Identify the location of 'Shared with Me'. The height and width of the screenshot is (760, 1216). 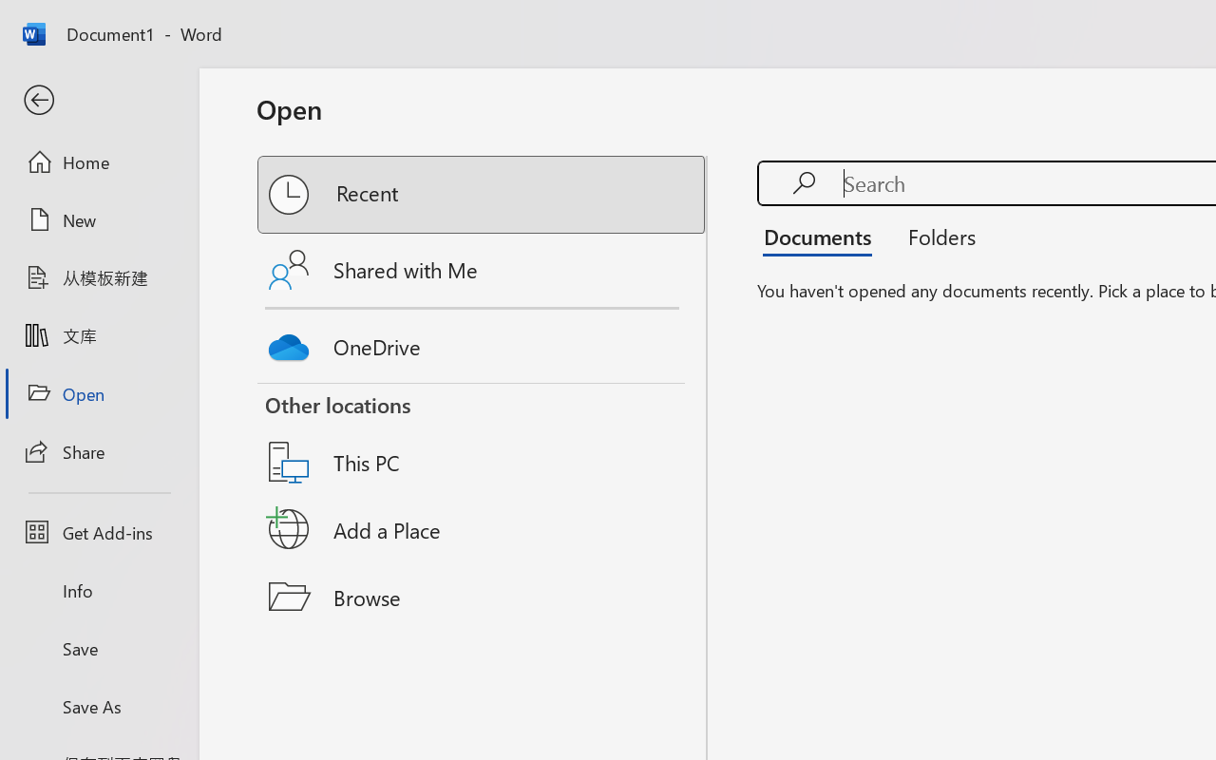
(483, 270).